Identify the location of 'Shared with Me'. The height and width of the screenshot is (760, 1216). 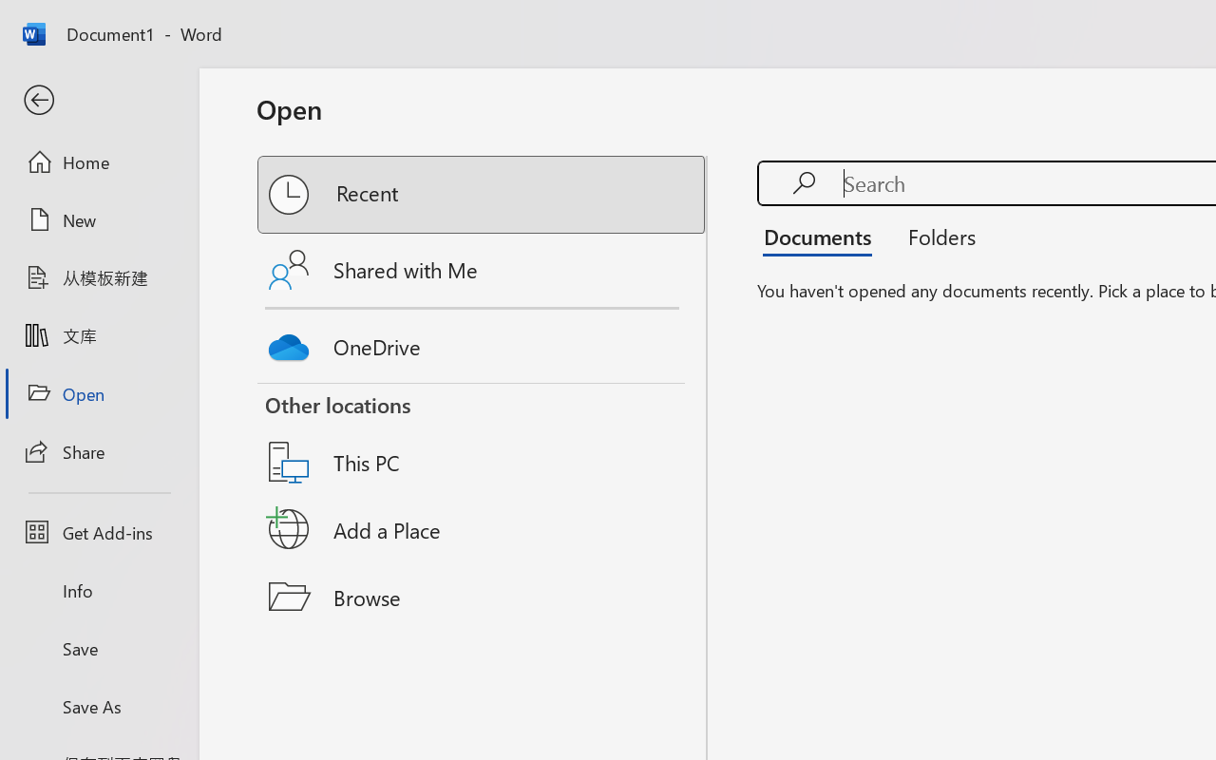
(483, 270).